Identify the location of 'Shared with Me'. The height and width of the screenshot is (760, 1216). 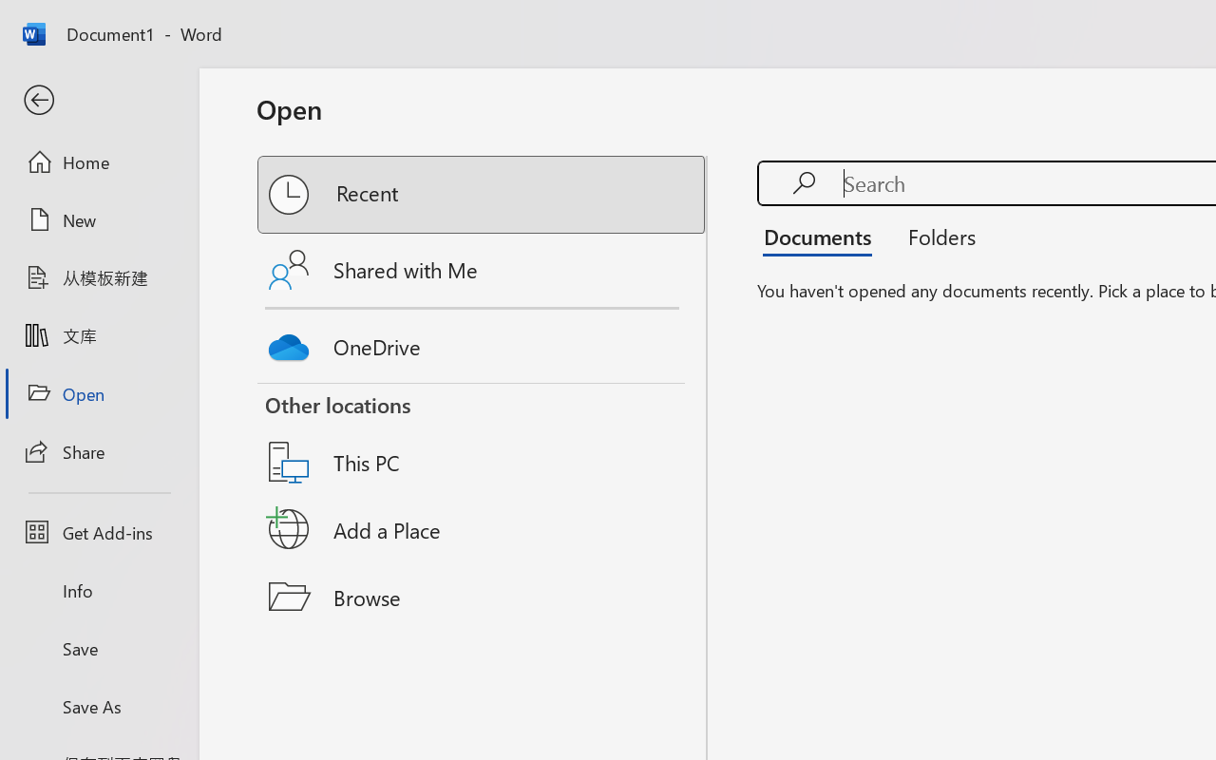
(483, 270).